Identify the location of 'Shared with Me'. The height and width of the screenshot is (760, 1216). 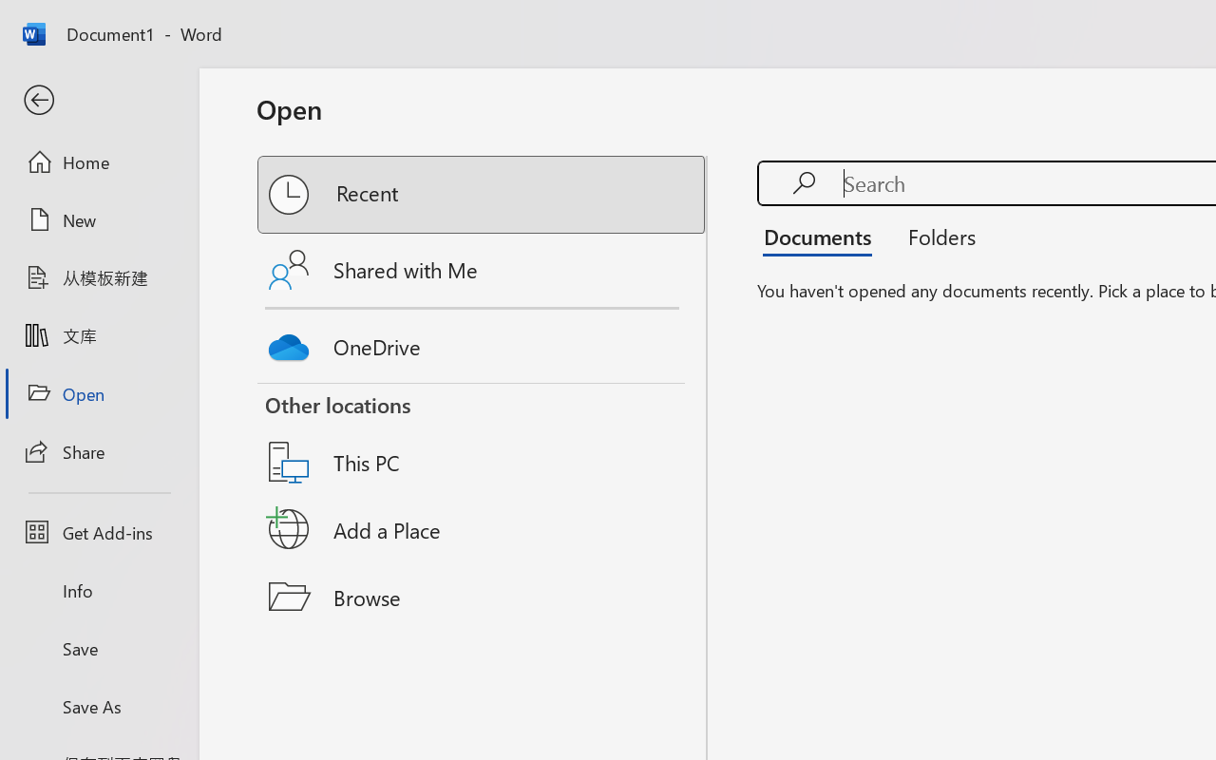
(483, 270).